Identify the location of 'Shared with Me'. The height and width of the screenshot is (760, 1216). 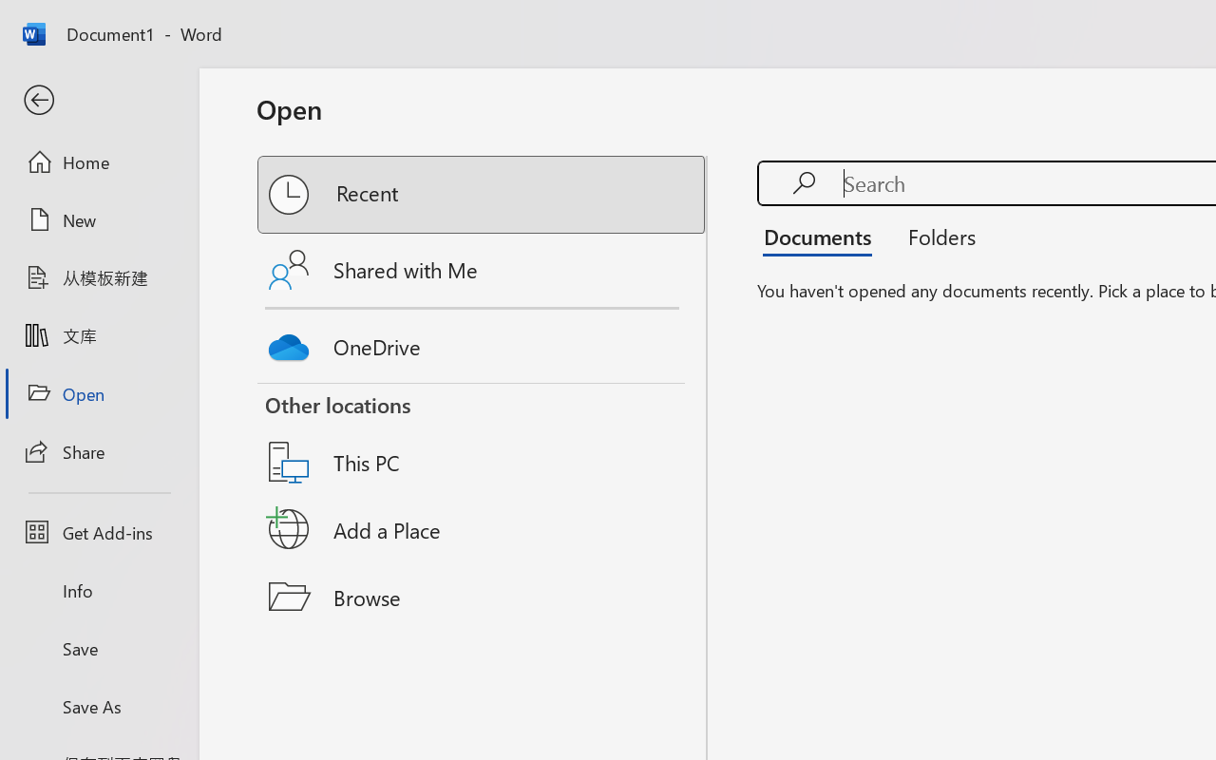
(483, 270).